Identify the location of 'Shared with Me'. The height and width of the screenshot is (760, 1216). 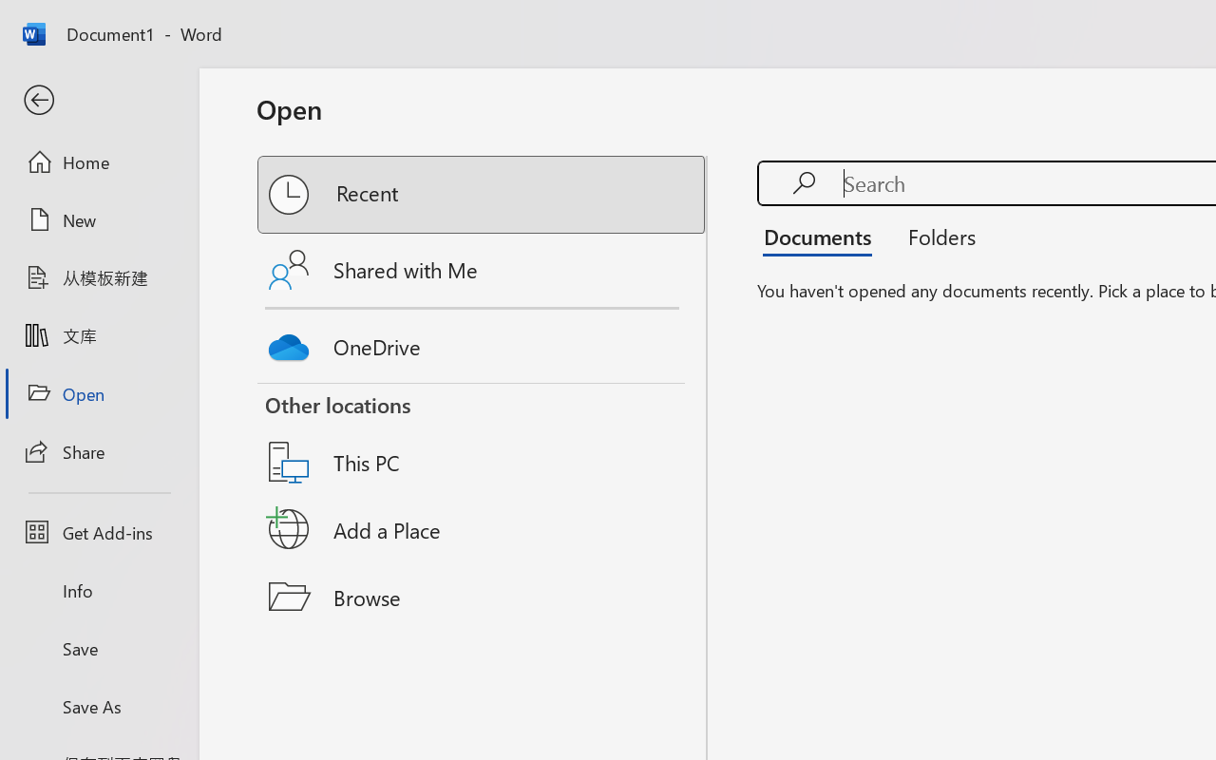
(483, 270).